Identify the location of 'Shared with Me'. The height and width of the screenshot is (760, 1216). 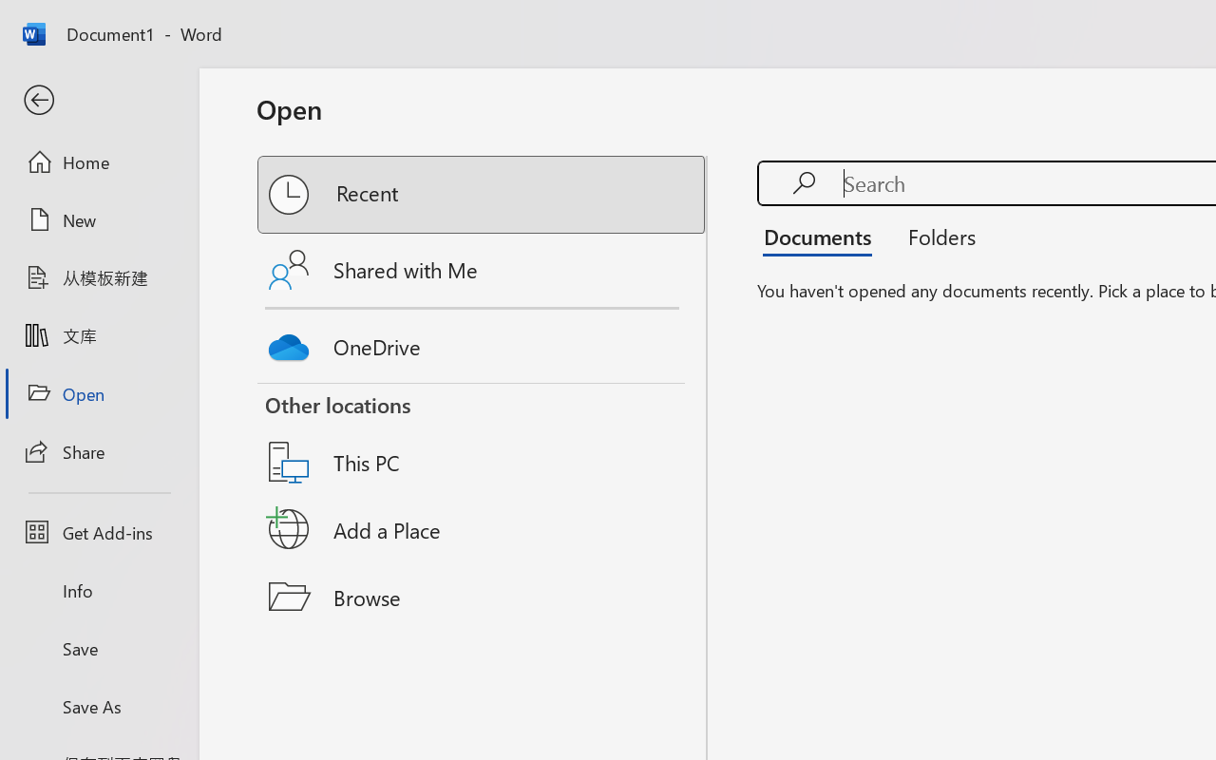
(483, 270).